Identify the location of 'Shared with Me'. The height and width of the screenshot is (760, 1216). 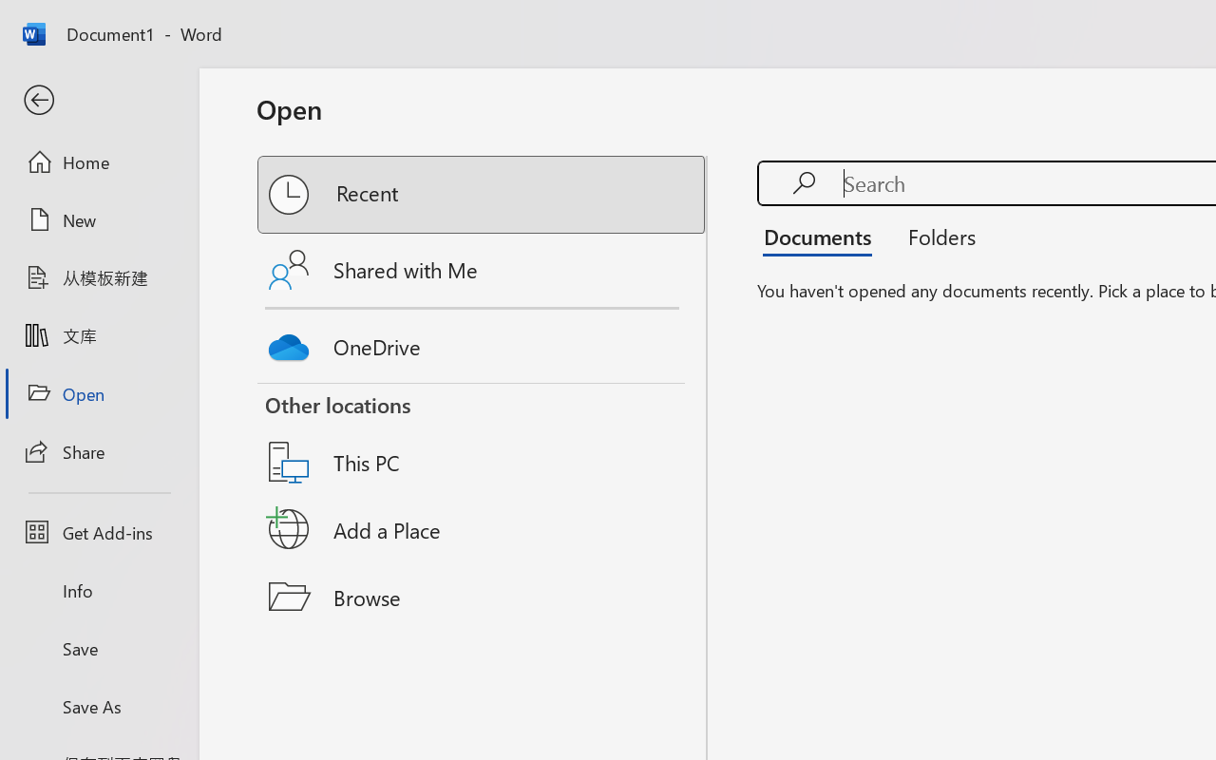
(483, 270).